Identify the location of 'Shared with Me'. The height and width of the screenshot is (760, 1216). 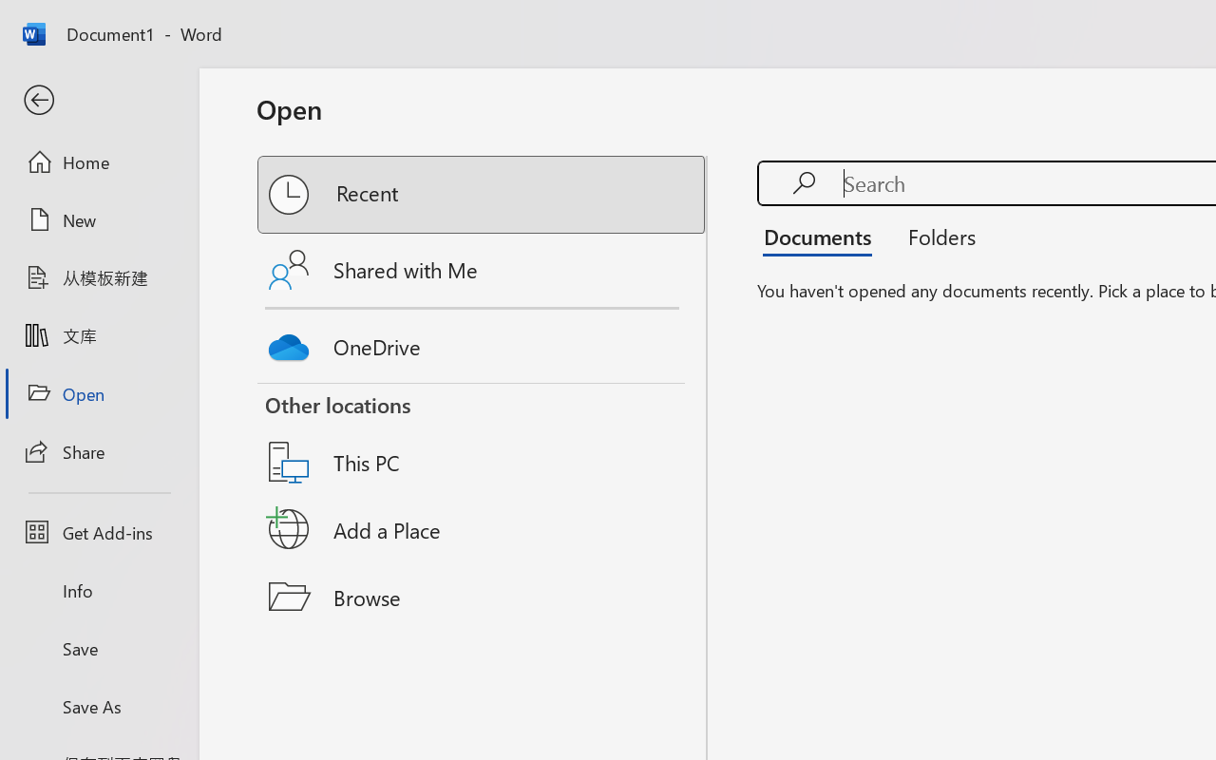
(483, 270).